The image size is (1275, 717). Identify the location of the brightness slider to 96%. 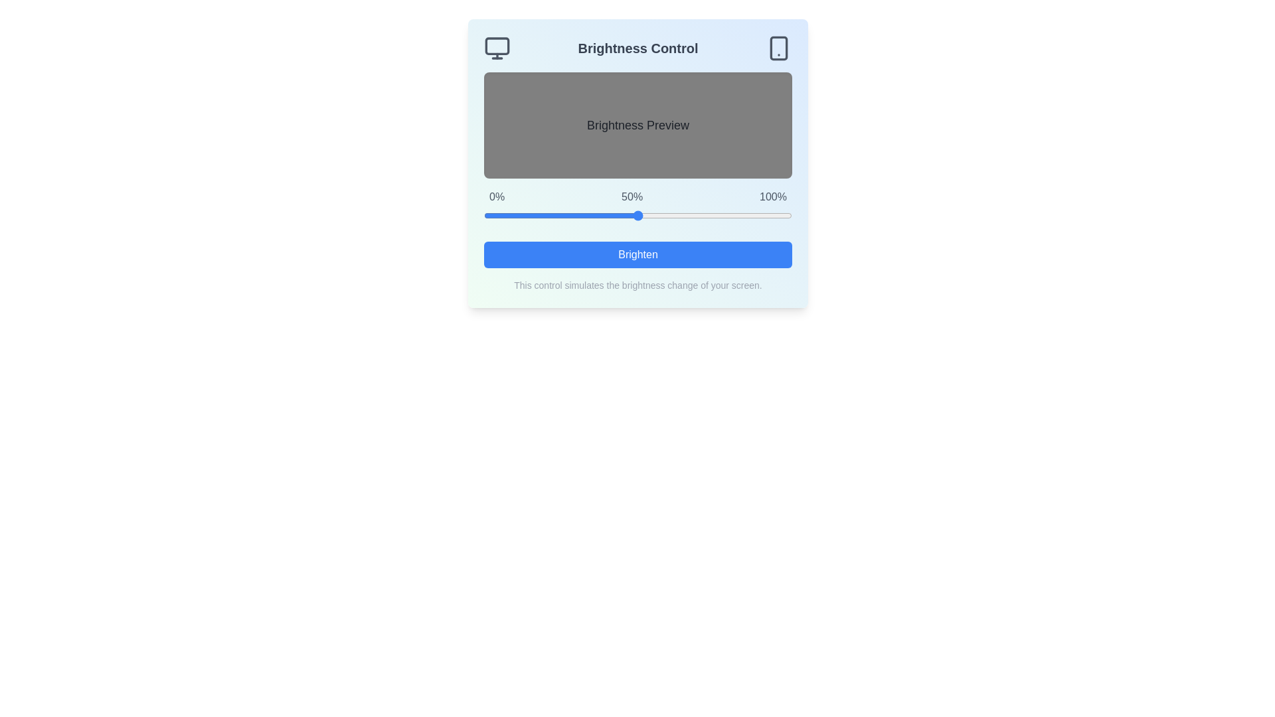
(780, 214).